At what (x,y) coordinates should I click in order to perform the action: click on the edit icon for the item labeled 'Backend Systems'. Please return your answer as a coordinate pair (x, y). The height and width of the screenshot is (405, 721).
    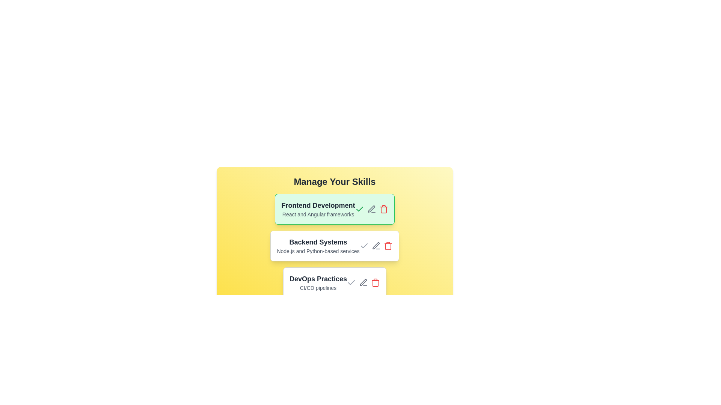
    Looking at the image, I should click on (376, 246).